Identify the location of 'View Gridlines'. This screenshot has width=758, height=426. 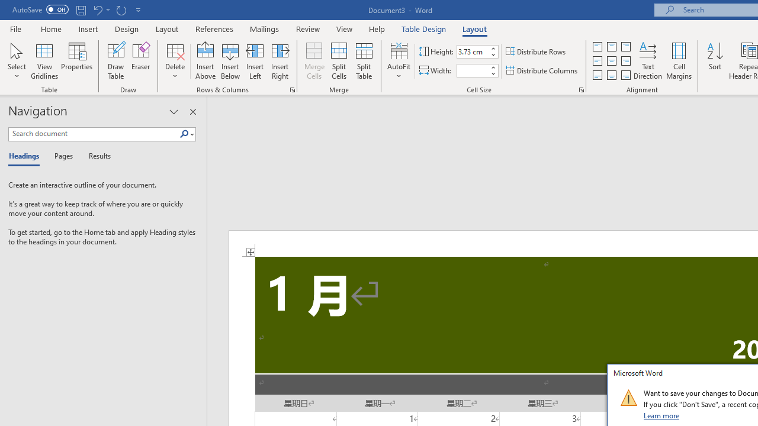
(44, 61).